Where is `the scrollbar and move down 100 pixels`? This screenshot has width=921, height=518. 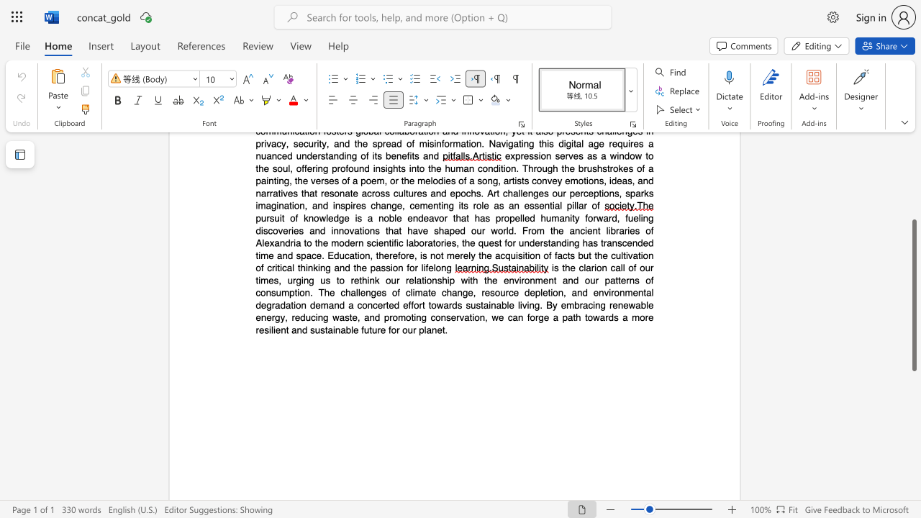 the scrollbar and move down 100 pixels is located at coordinates (913, 294).